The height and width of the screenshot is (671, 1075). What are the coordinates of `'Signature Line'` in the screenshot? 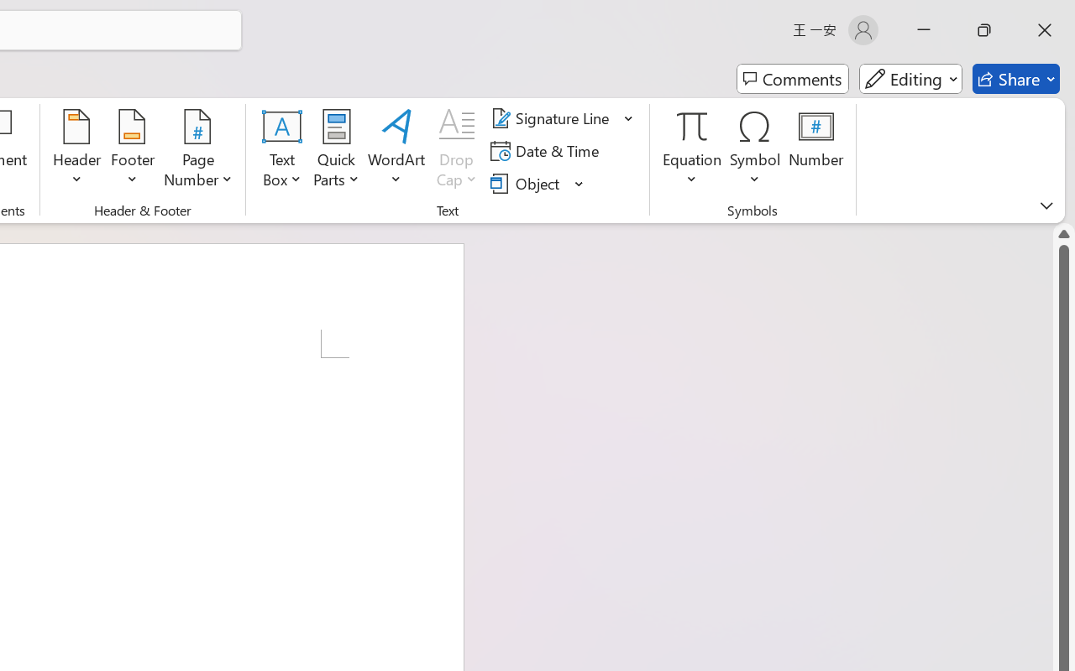 It's located at (563, 118).